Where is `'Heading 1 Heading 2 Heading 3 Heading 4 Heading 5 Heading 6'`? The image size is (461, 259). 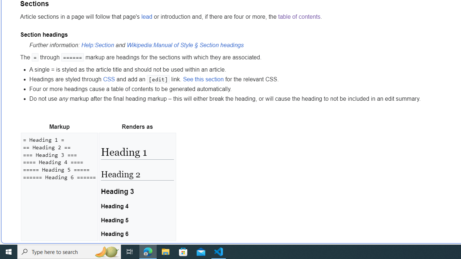
'Heading 1 Heading 2 Heading 3 Heading 4 Heading 5 Heading 6' is located at coordinates (137, 186).